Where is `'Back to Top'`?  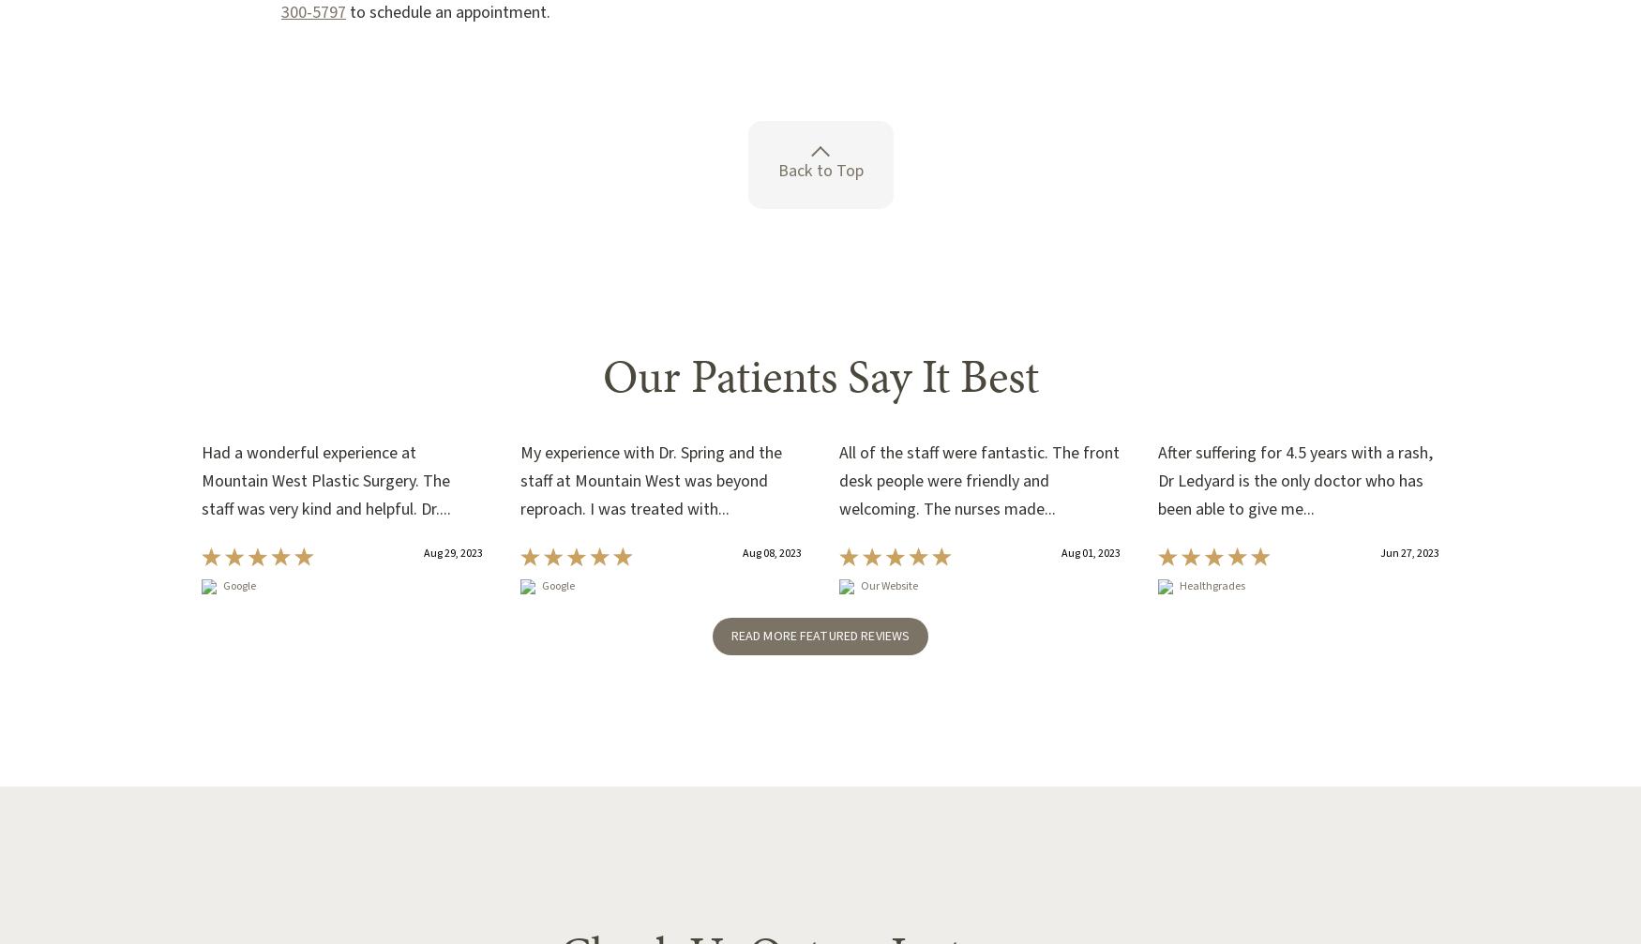
'Back to Top' is located at coordinates (776, 170).